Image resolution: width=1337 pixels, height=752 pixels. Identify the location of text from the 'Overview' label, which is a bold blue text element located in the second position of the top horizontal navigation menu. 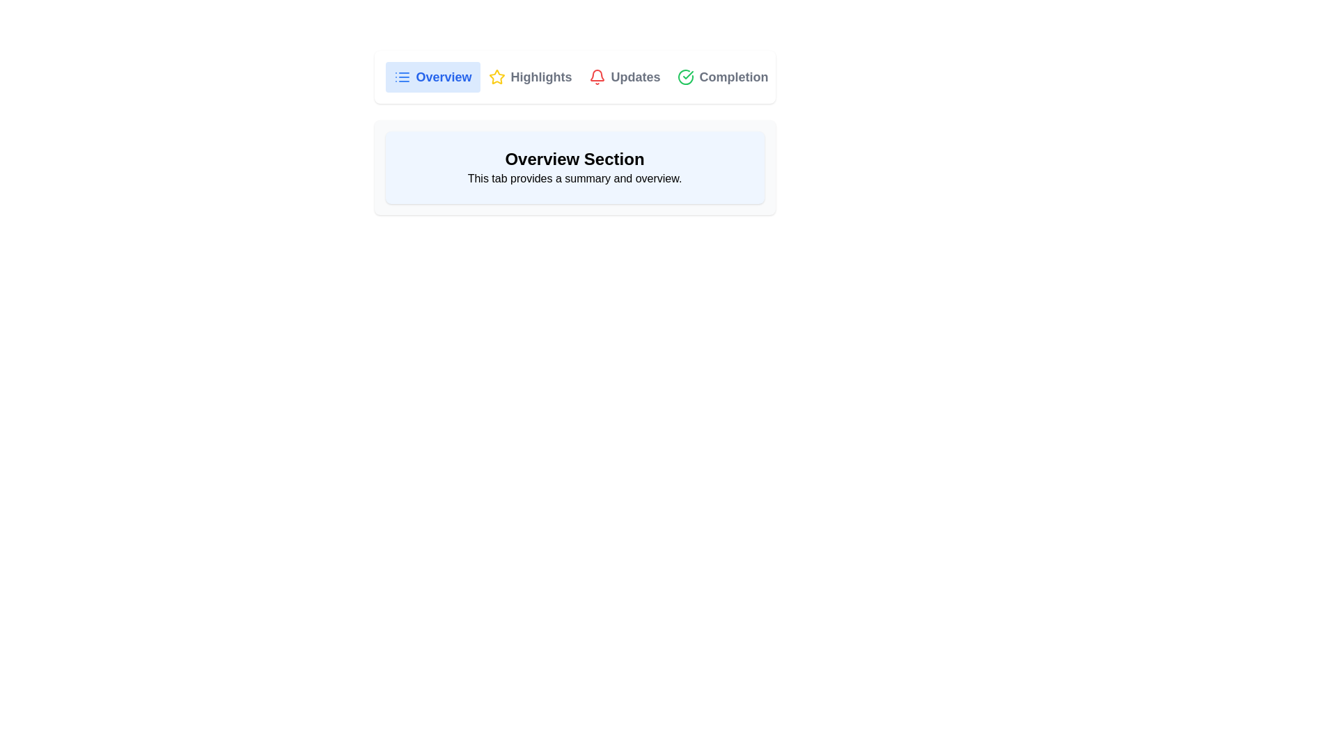
(443, 77).